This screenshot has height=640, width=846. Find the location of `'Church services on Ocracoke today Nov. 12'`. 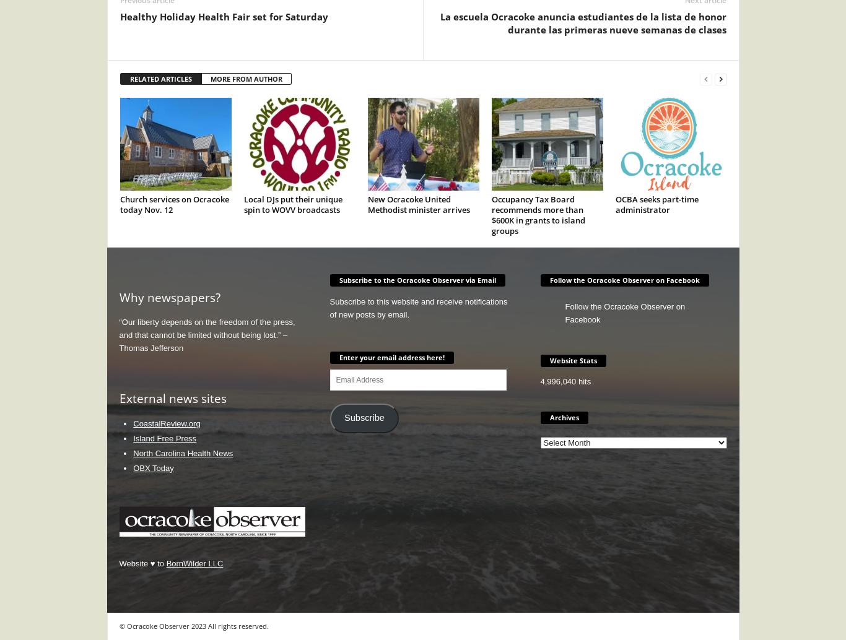

'Church services on Ocracoke today Nov. 12' is located at coordinates (119, 203).